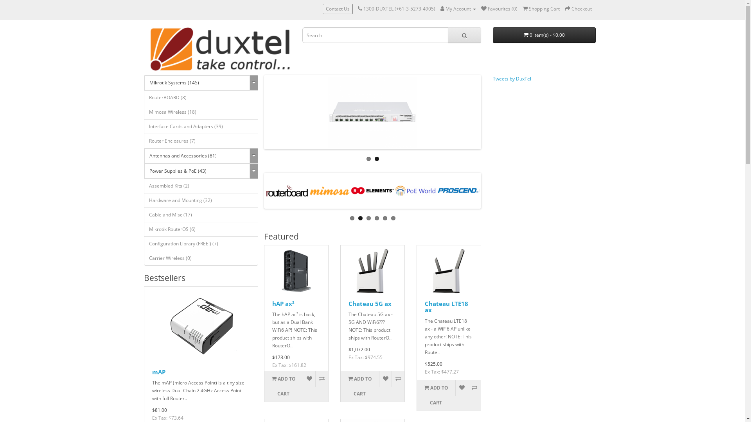 The height and width of the screenshot is (422, 751). What do you see at coordinates (458, 9) in the screenshot?
I see `'My Account'` at bounding box center [458, 9].